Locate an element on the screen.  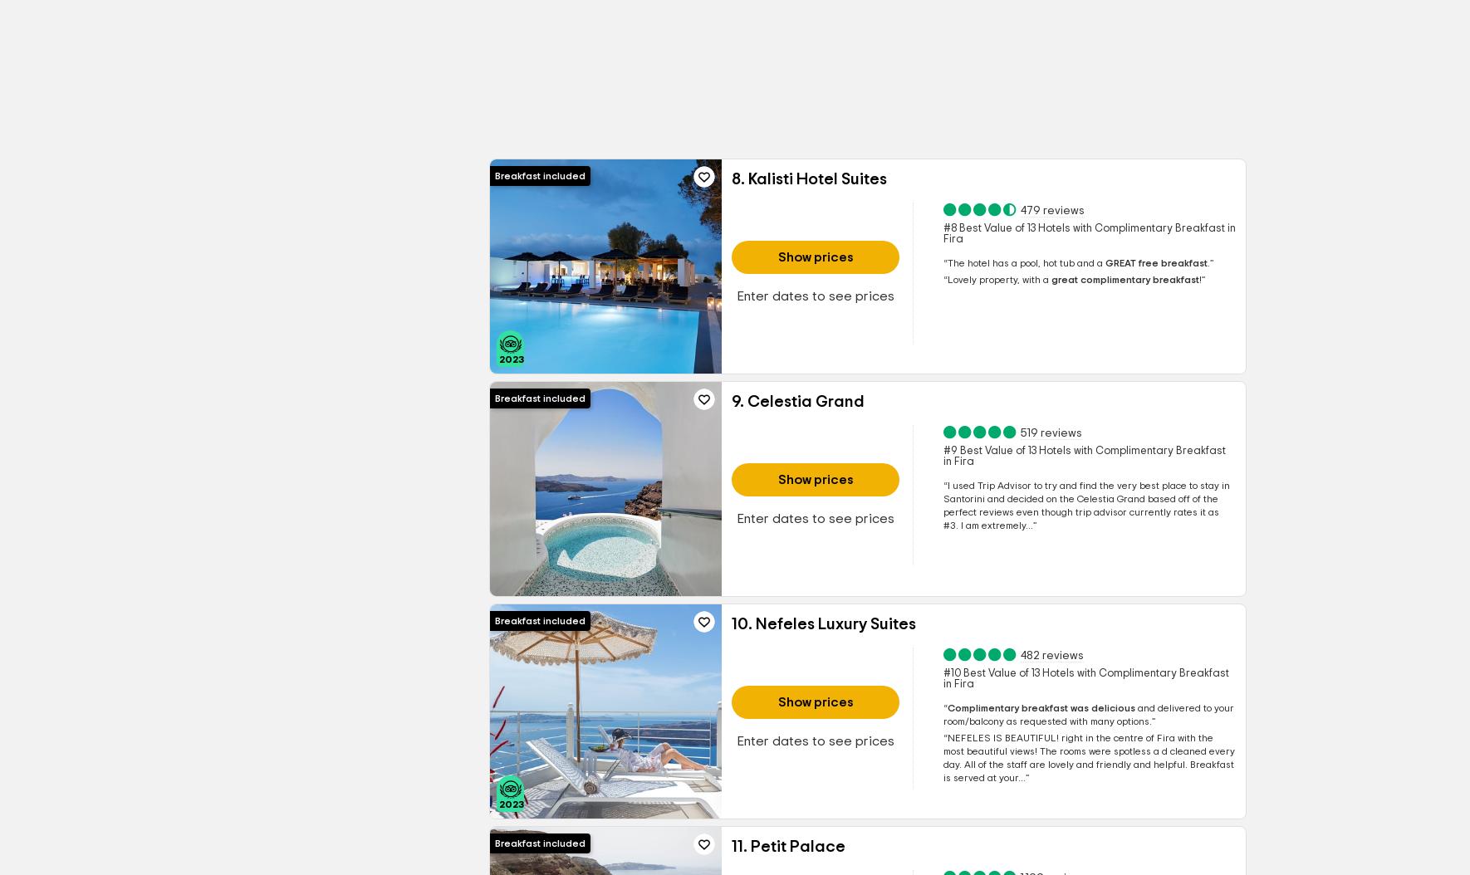
'The hotel' is located at coordinates (968, 263).